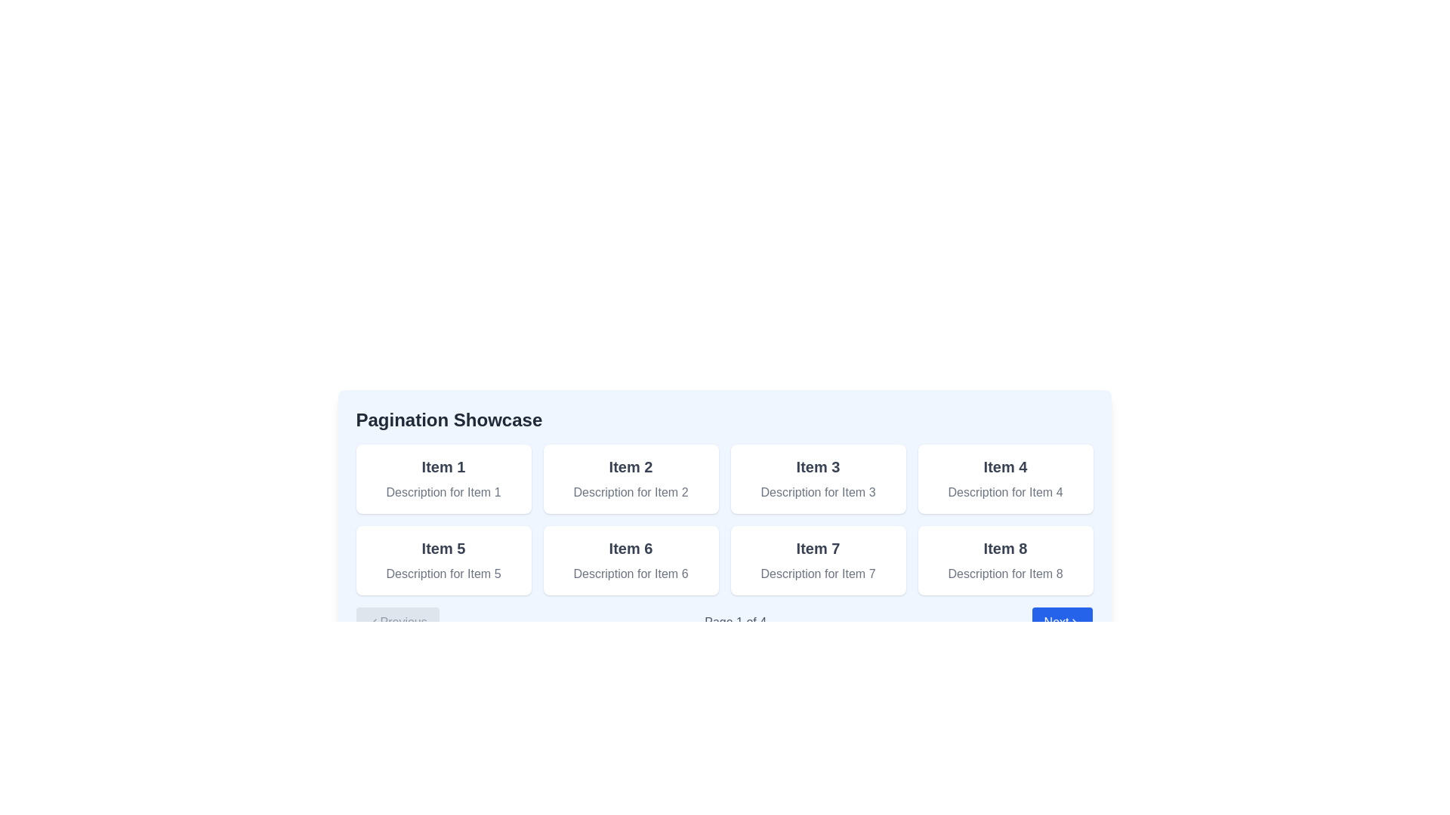 This screenshot has width=1450, height=815. I want to click on the text label displaying 'Item 6' located in the second row and second column of a 4x2 grid layout by clicking on it, so click(631, 548).